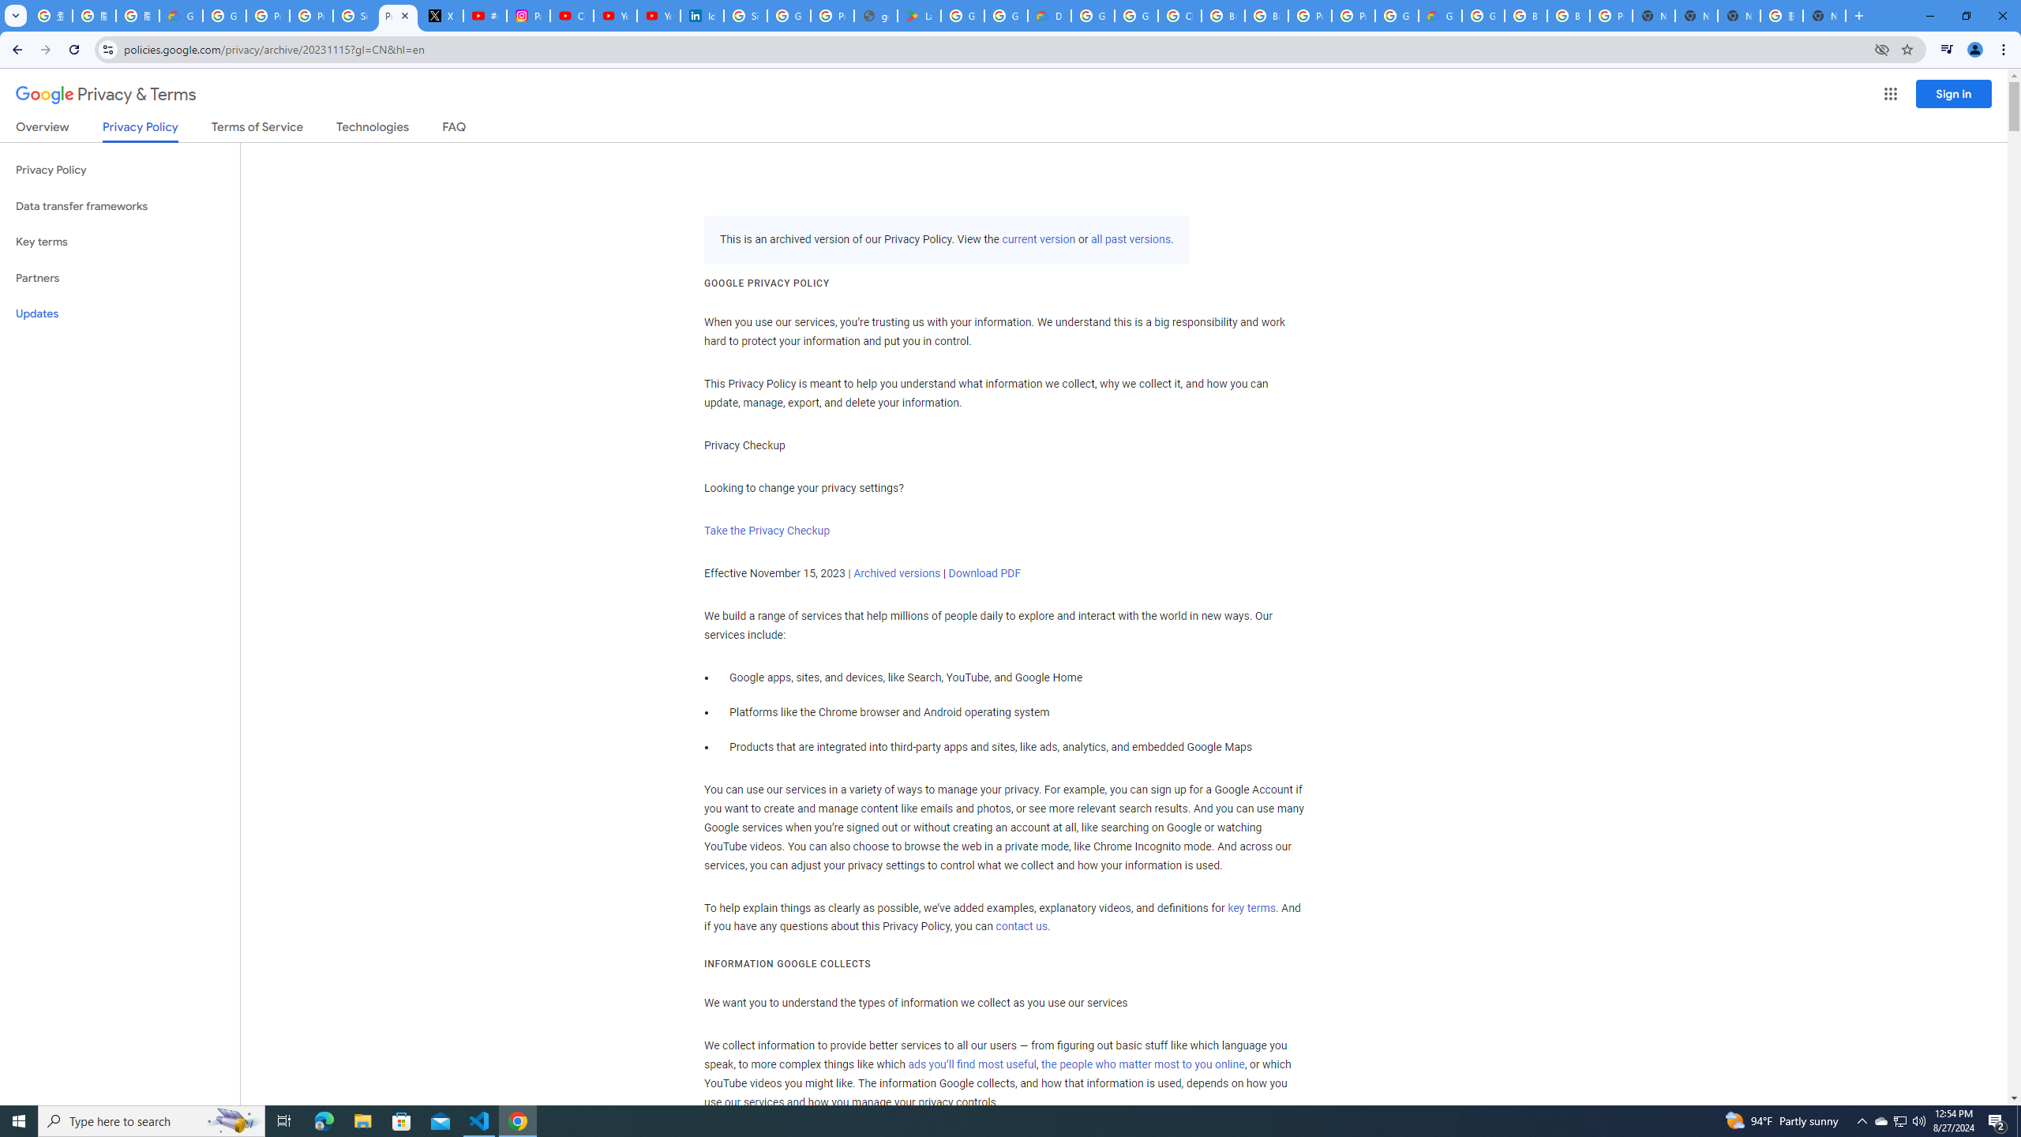  What do you see at coordinates (897, 572) in the screenshot?
I see `'Archived versions'` at bounding box center [897, 572].